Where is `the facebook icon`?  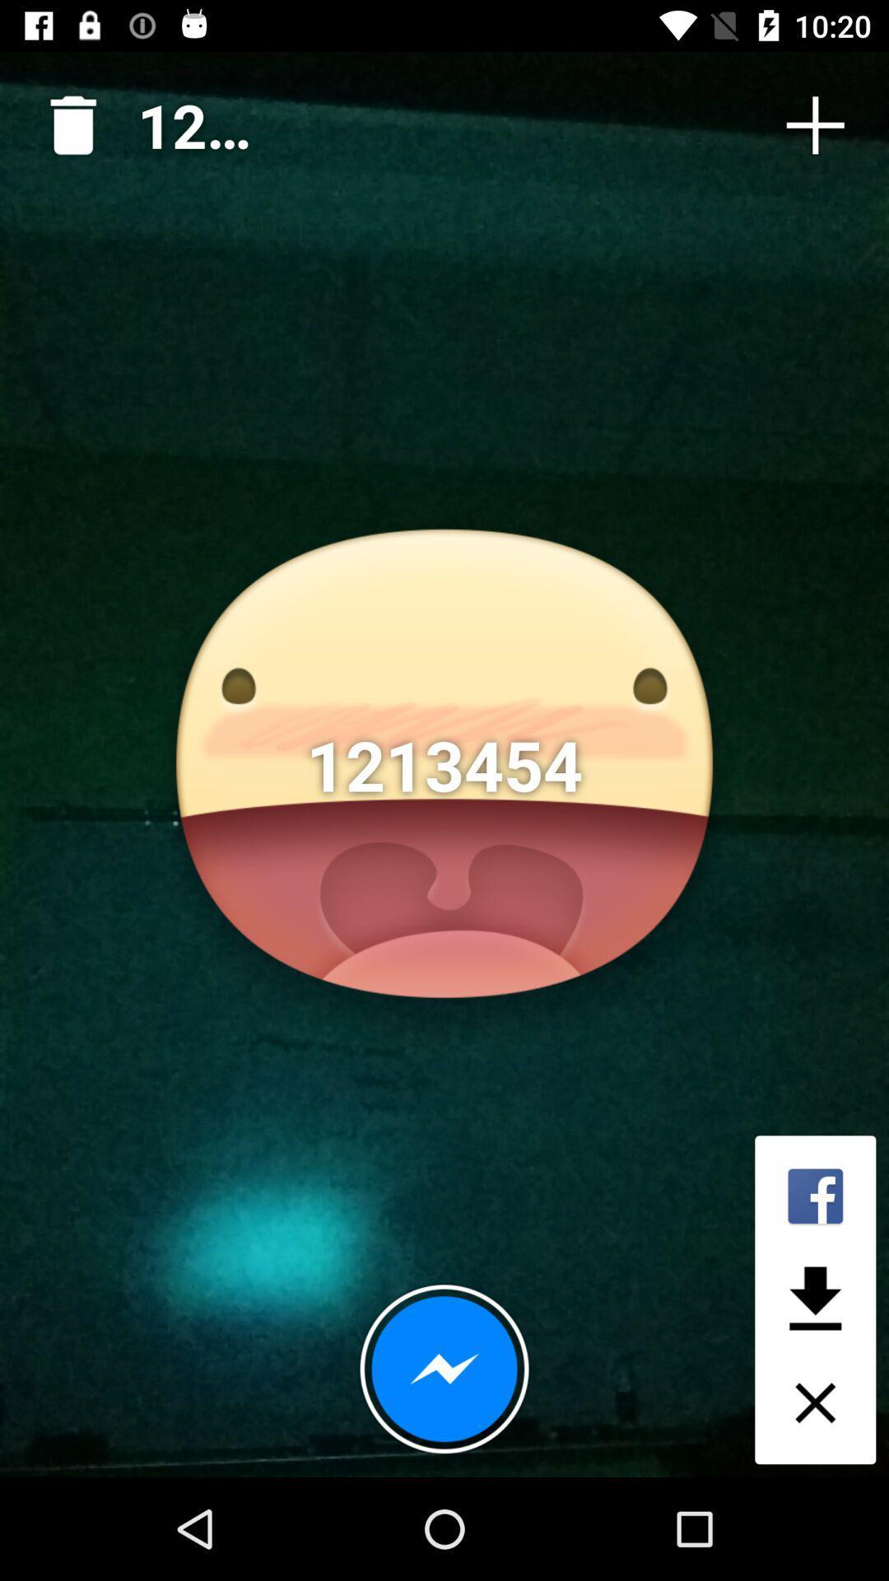 the facebook icon is located at coordinates (815, 1196).